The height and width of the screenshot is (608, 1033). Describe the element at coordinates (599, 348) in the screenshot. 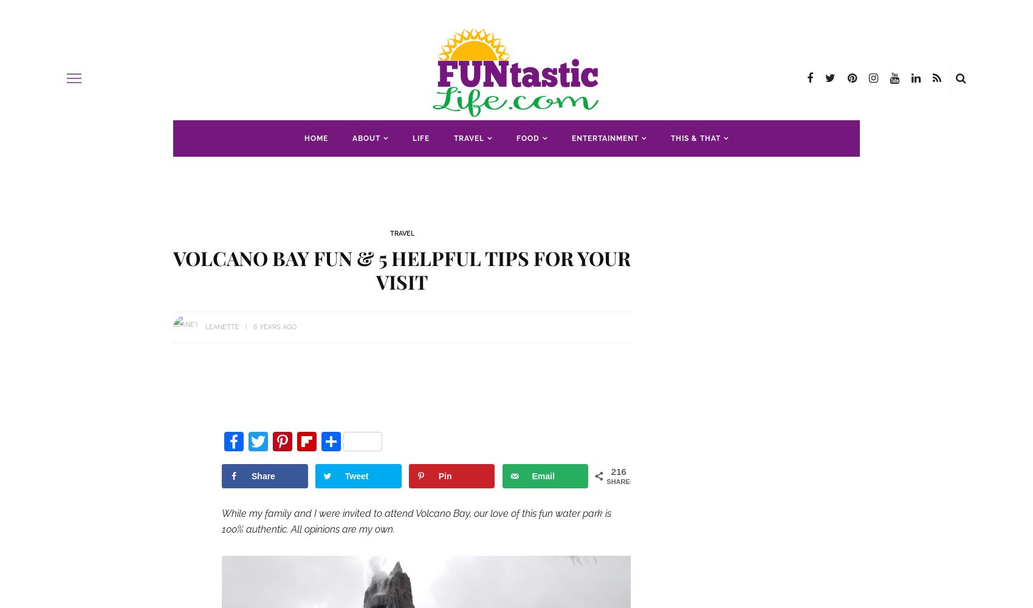

I see `'Kansas'` at that location.